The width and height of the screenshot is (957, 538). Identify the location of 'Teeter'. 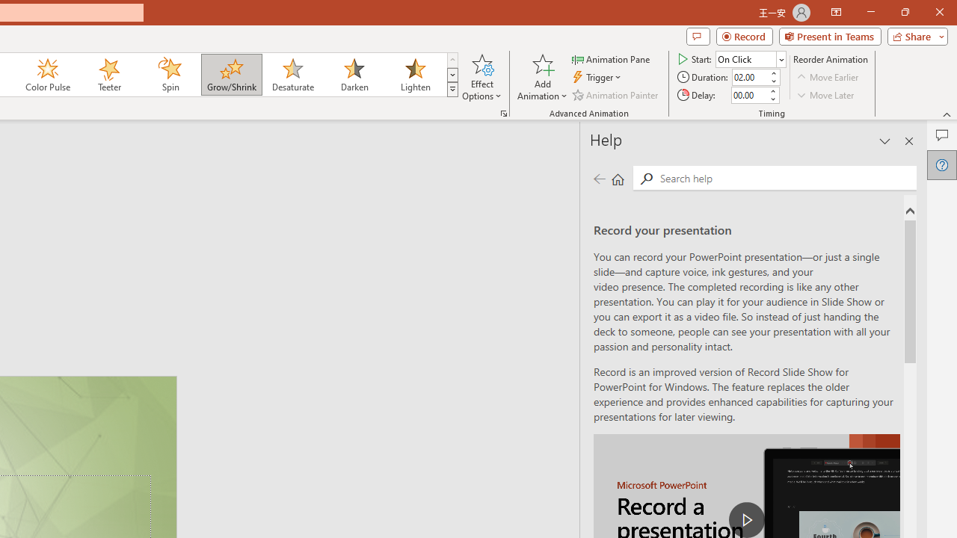
(108, 75).